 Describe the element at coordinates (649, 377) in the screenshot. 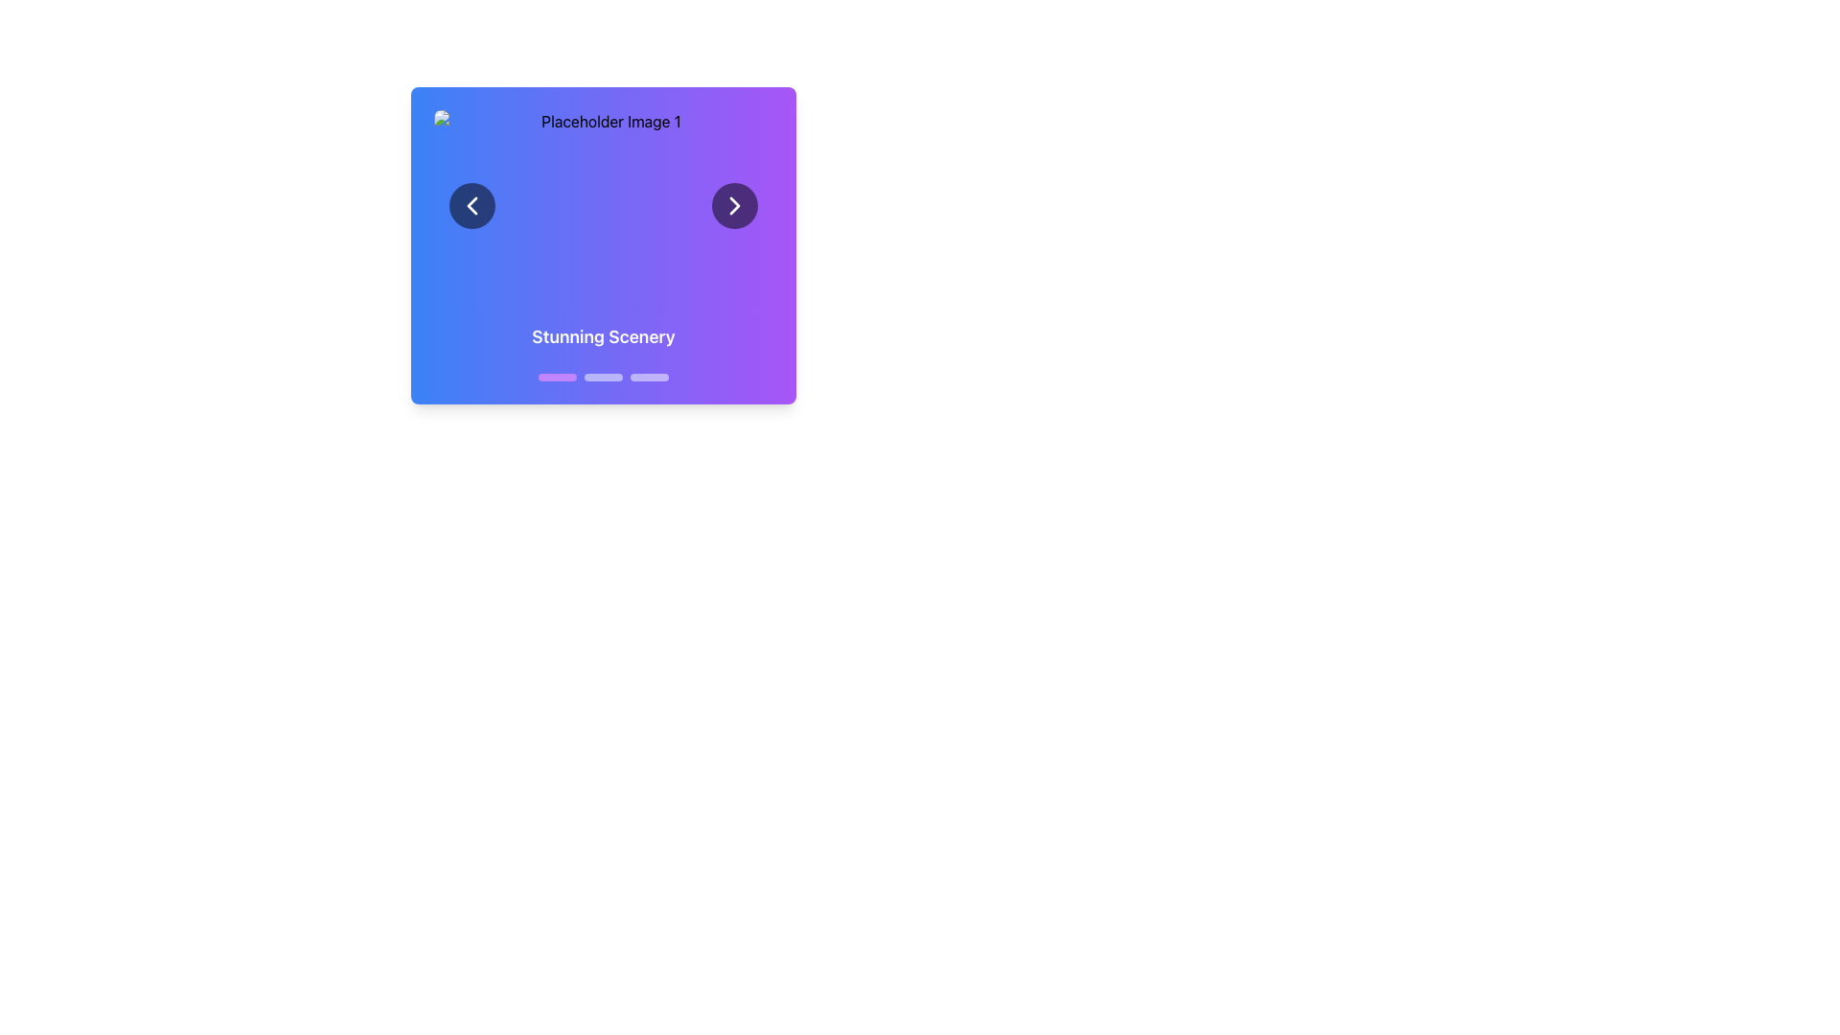

I see `the third dot indicator button at the bottom of the card layout` at that location.